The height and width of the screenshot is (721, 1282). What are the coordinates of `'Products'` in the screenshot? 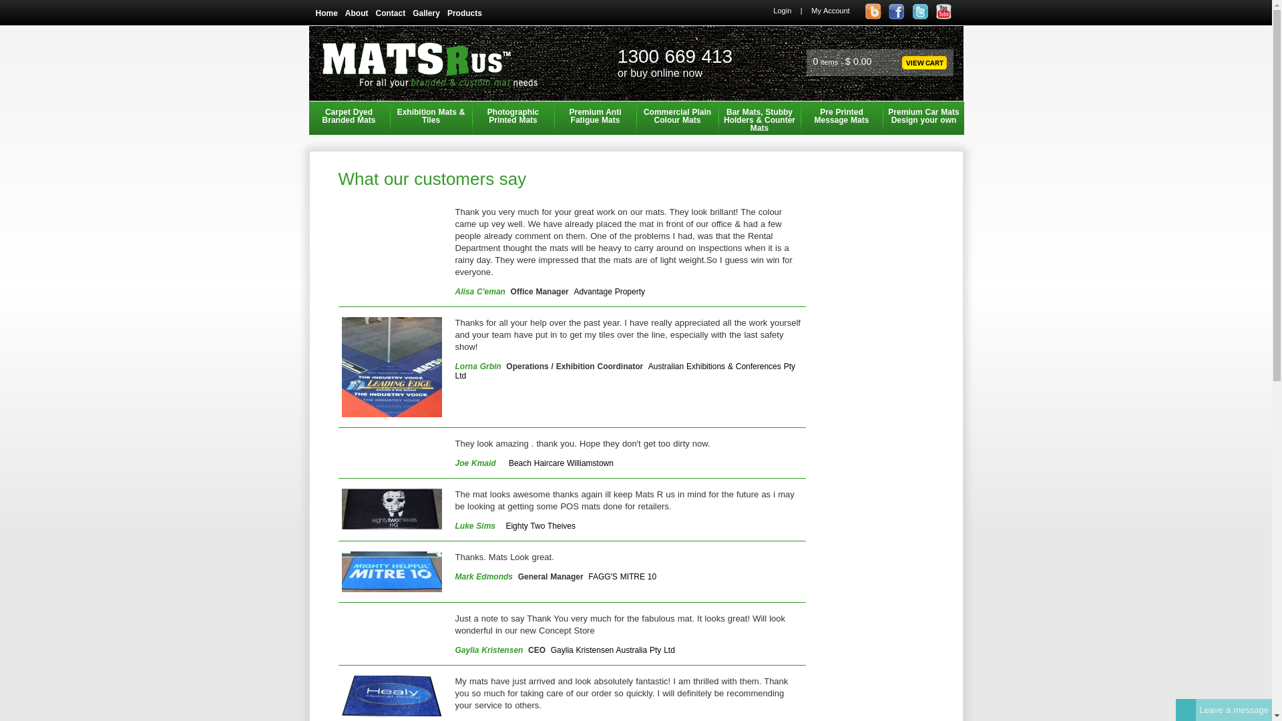 It's located at (468, 13).